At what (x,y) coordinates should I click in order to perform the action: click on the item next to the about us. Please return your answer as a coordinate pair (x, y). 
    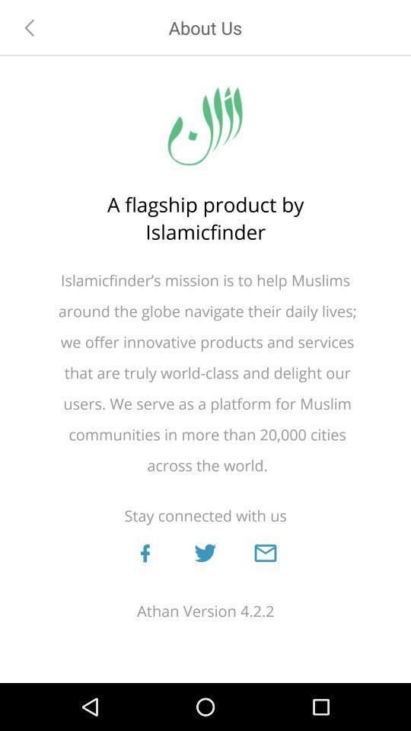
    Looking at the image, I should click on (30, 27).